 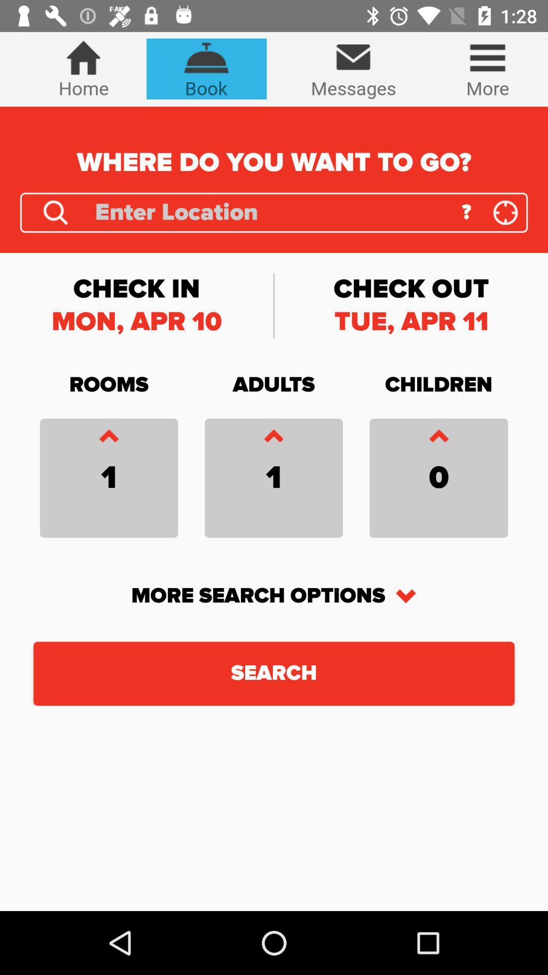 What do you see at coordinates (274, 438) in the screenshot?
I see `caret symbol which is below adults` at bounding box center [274, 438].